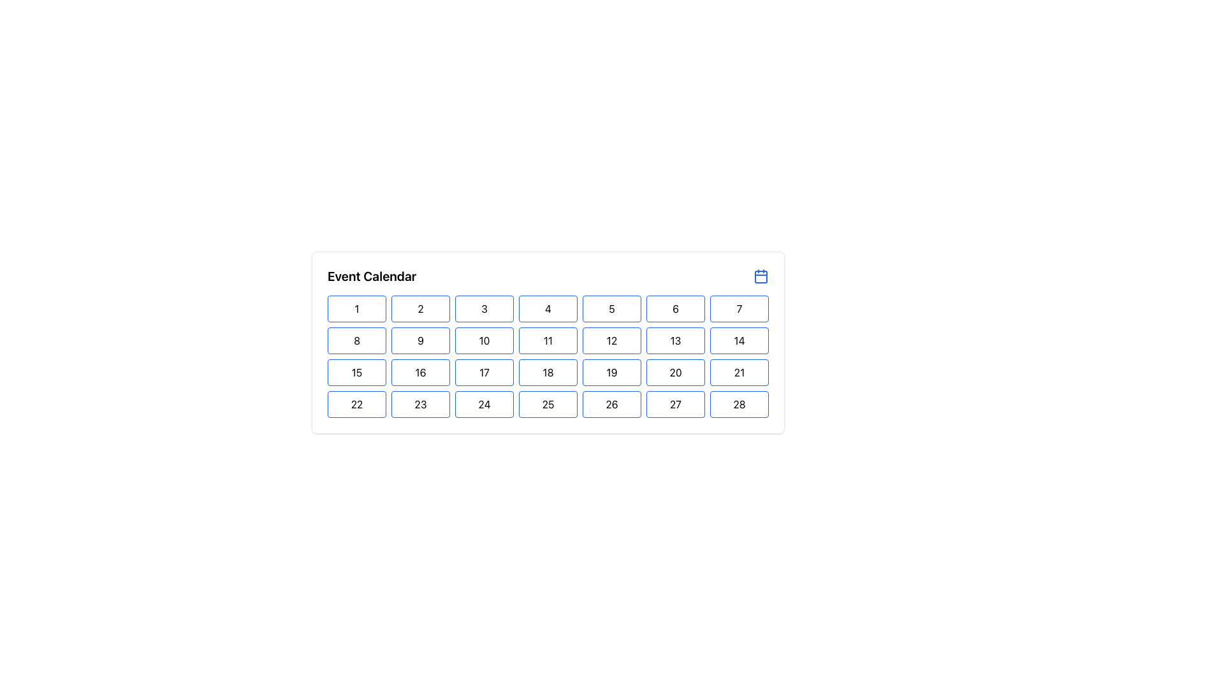  Describe the element at coordinates (421, 405) in the screenshot. I see `the button representing the 23rd day of the month in the calendar interface` at that location.